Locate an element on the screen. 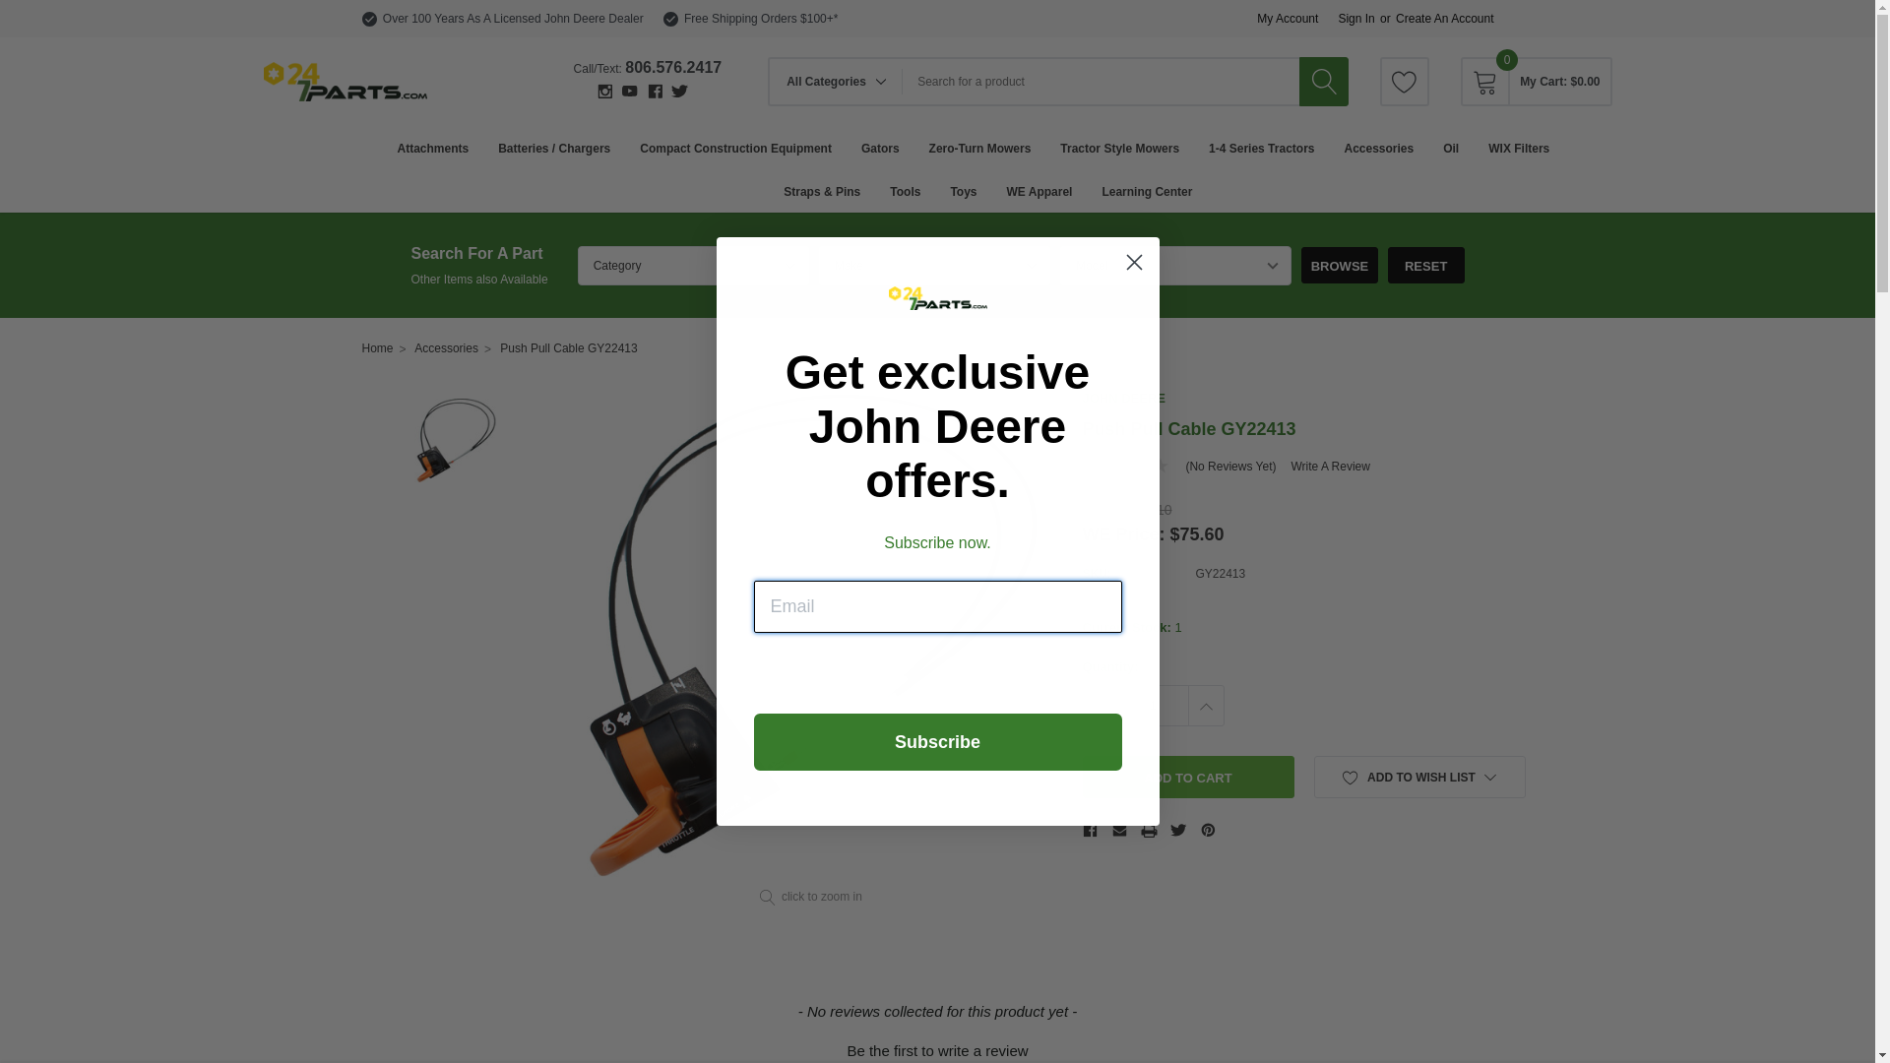 Image resolution: width=1890 pixels, height=1063 pixels. 'Learning Center' is located at coordinates (1147, 190).